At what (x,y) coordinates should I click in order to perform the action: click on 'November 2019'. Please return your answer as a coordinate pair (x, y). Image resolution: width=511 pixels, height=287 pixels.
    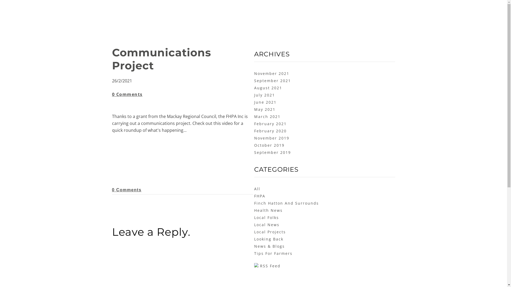
    Looking at the image, I should click on (271, 138).